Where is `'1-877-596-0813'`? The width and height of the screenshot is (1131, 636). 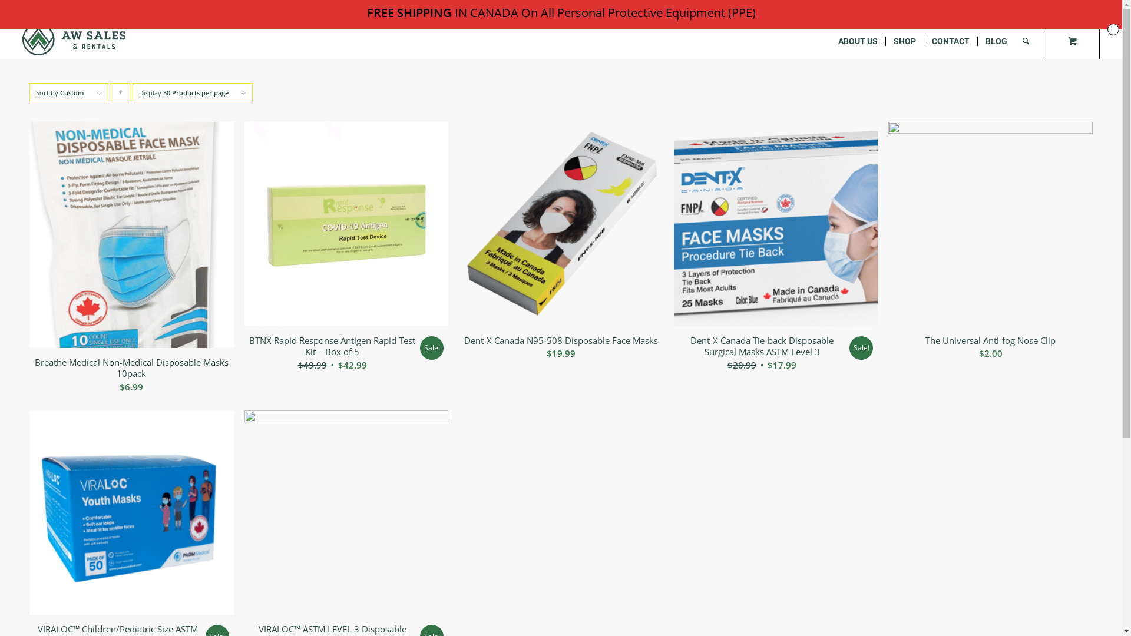 '1-877-596-0813' is located at coordinates (80, 11).